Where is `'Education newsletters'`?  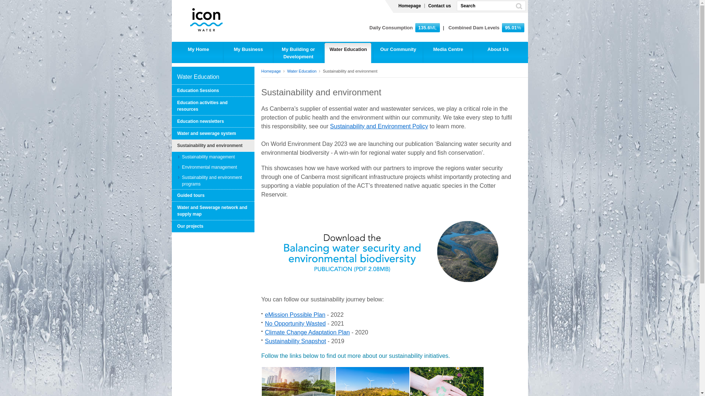
'Education newsletters' is located at coordinates (171, 121).